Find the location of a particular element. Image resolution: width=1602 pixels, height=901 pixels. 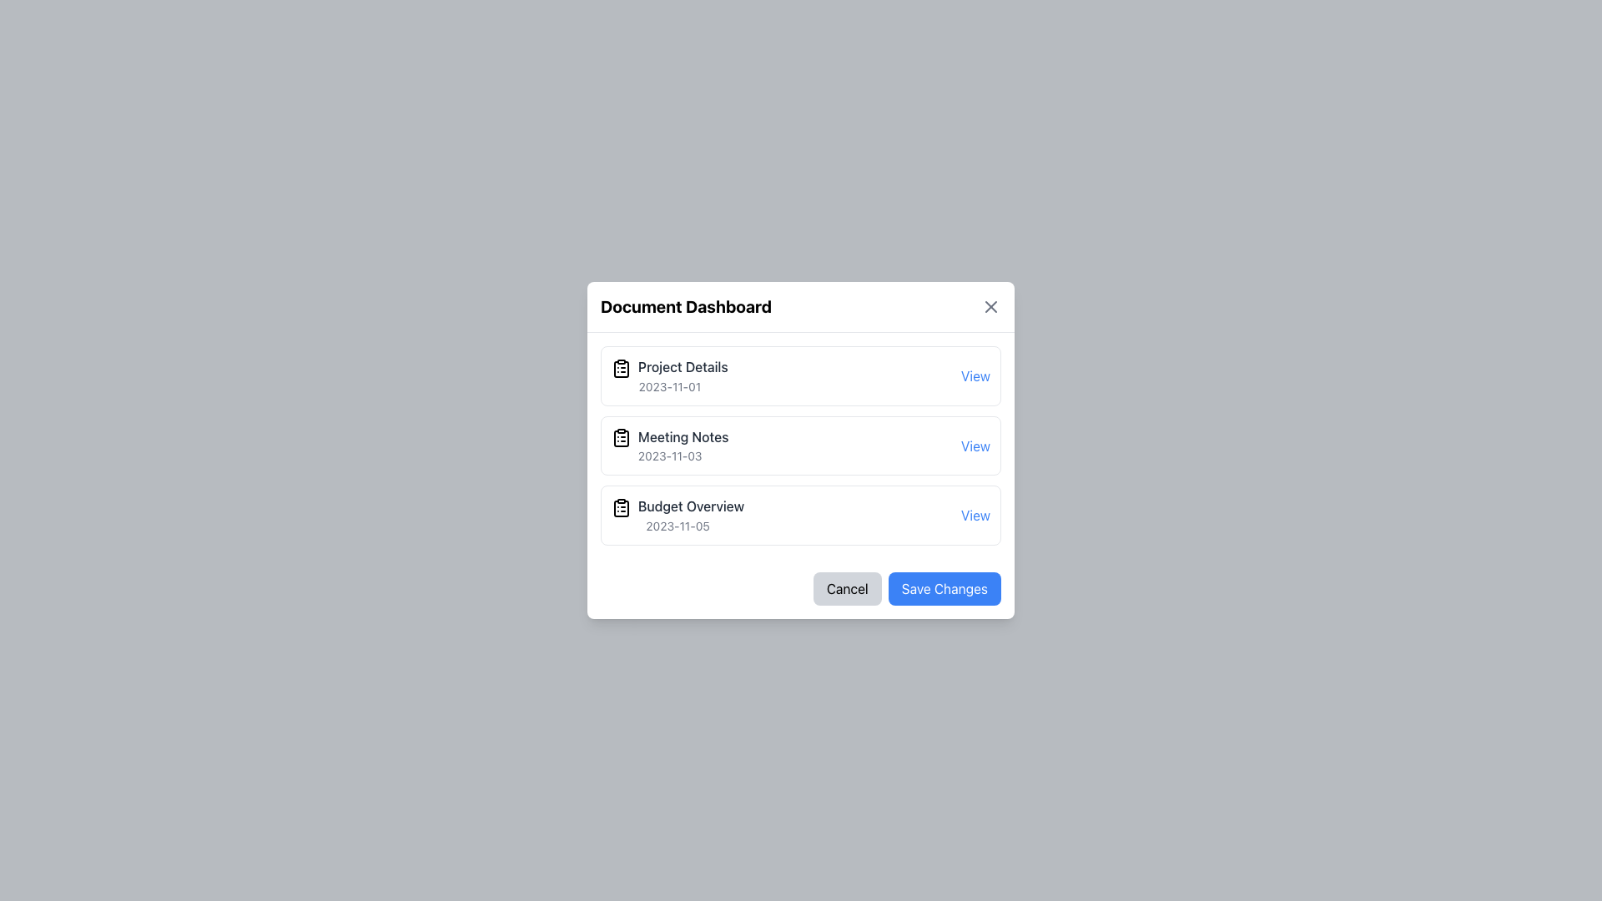

the 'Cancel' button within the Button group located at the bottom of the 'Document Dashboard' panel is located at coordinates (801, 587).